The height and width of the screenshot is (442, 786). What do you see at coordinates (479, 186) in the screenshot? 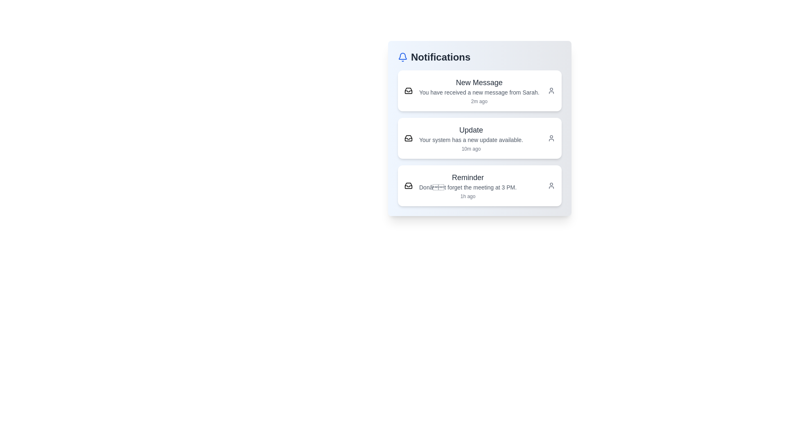
I see `the notification titled 'Reminder' to view its details` at bounding box center [479, 186].